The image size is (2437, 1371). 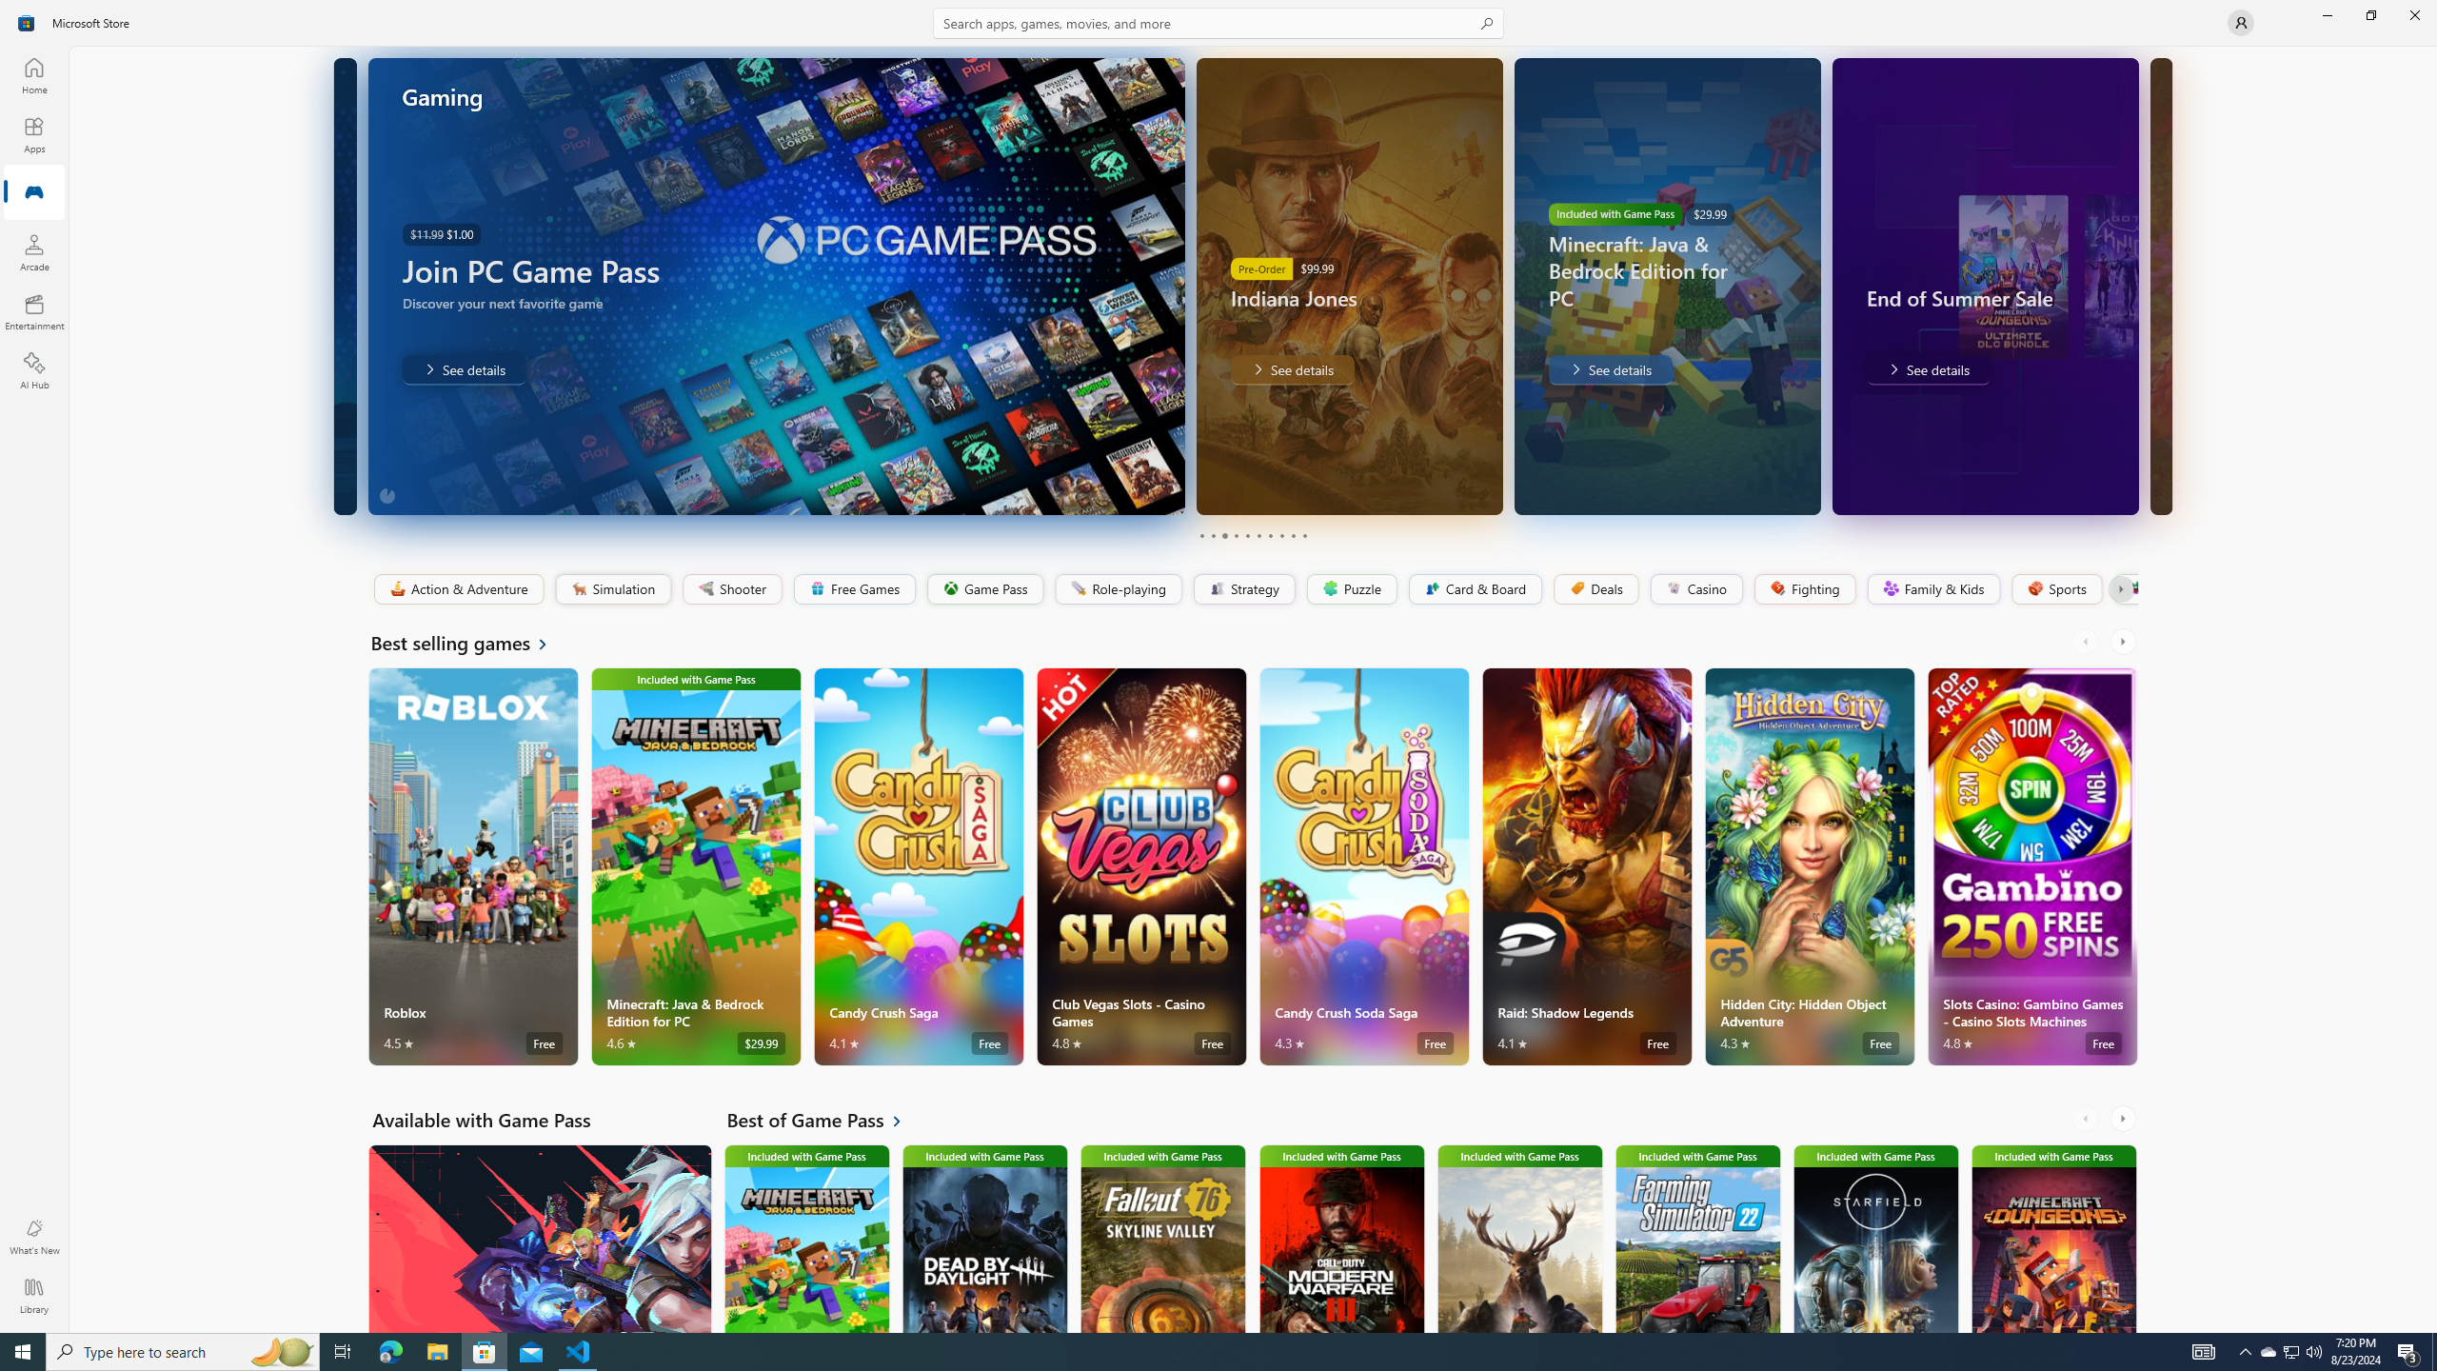 I want to click on 'Page 10', so click(x=1303, y=535).